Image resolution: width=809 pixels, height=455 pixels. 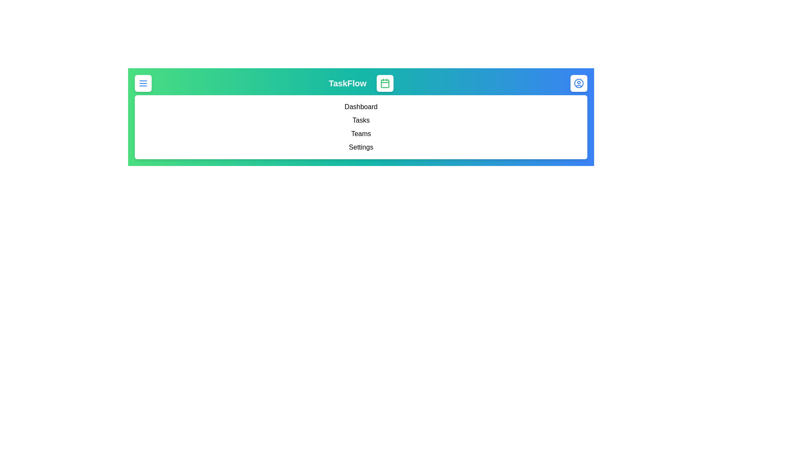 I want to click on the menu item Settings to navigate to the respective section, so click(x=361, y=147).